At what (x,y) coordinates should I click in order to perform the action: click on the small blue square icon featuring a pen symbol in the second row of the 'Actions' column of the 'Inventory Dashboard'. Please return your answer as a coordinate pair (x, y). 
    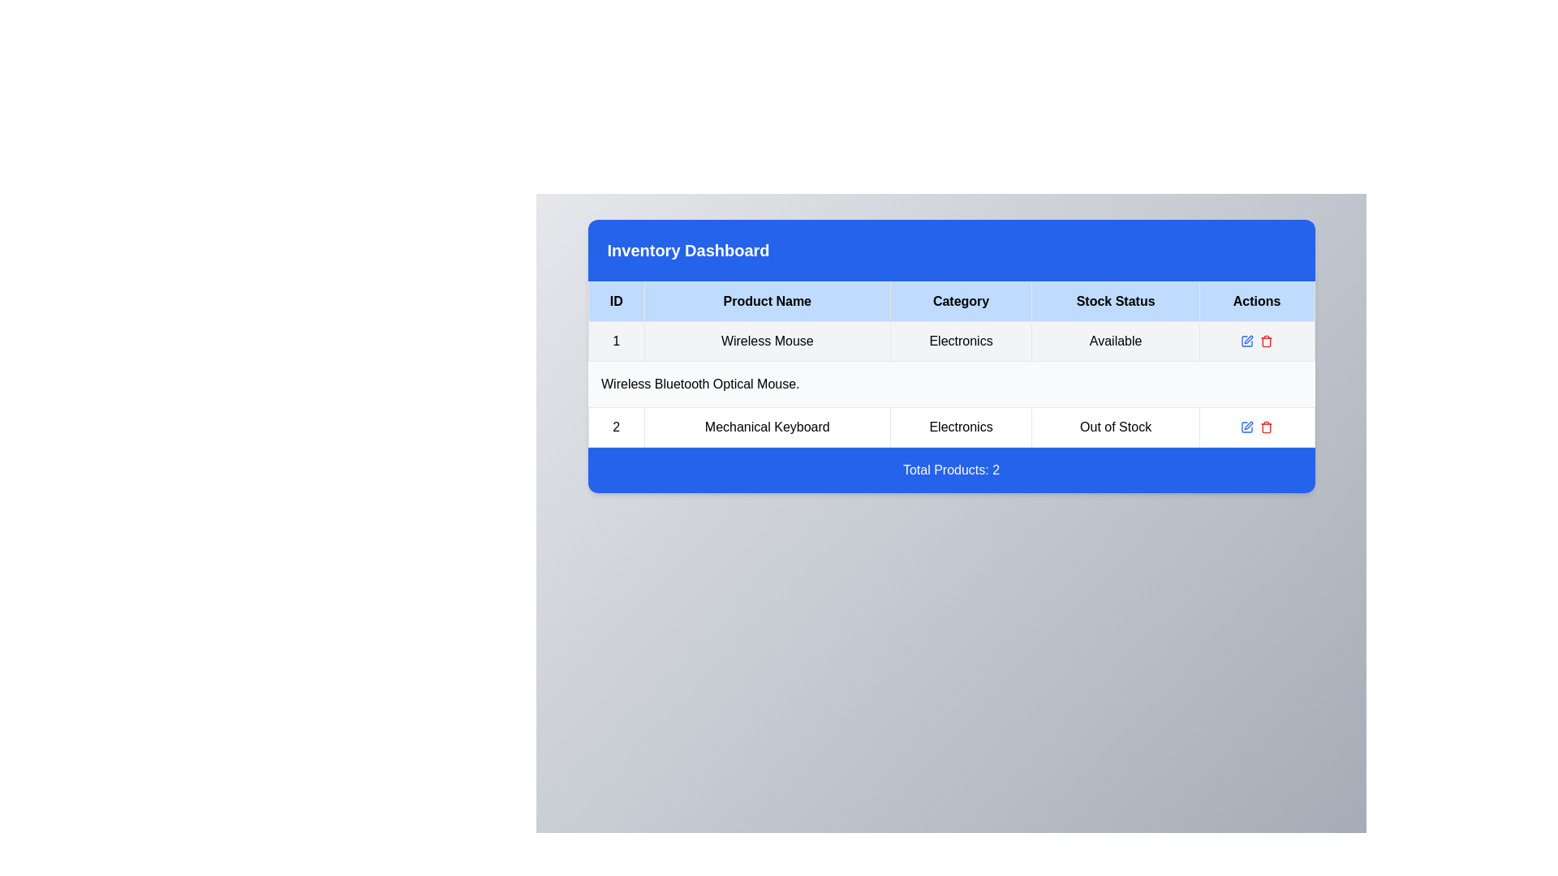
    Looking at the image, I should click on (1246, 340).